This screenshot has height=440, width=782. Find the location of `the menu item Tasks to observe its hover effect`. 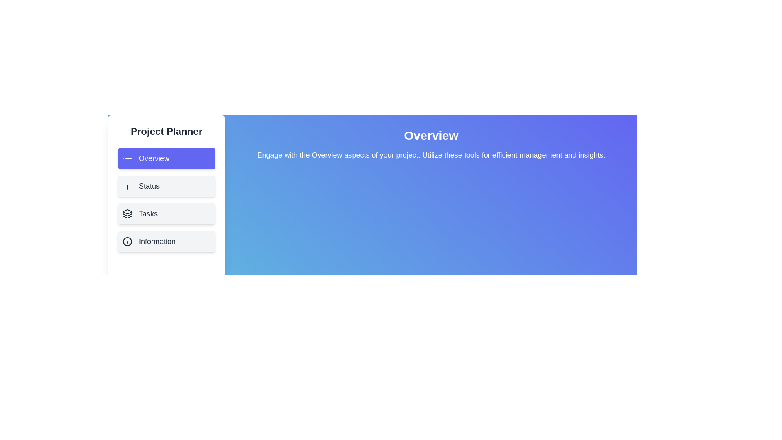

the menu item Tasks to observe its hover effect is located at coordinates (166, 213).